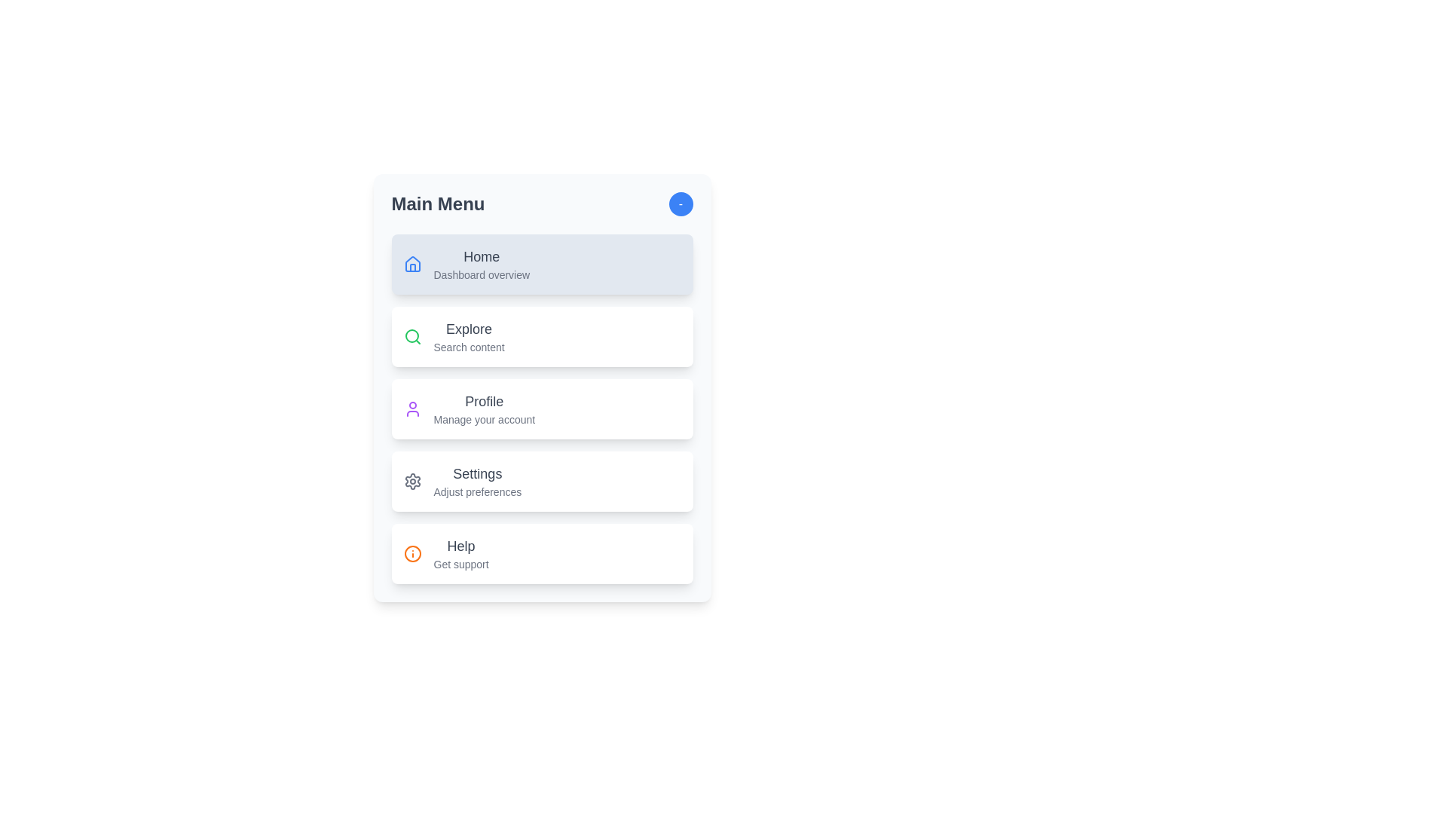  What do you see at coordinates (542, 264) in the screenshot?
I see `the menu item labeled 'Home' to observe visual feedback` at bounding box center [542, 264].